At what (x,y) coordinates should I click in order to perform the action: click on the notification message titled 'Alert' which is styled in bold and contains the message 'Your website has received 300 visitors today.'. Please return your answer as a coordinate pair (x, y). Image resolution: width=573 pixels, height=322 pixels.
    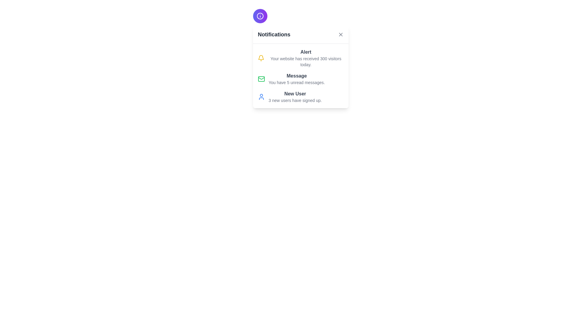
    Looking at the image, I should click on (306, 58).